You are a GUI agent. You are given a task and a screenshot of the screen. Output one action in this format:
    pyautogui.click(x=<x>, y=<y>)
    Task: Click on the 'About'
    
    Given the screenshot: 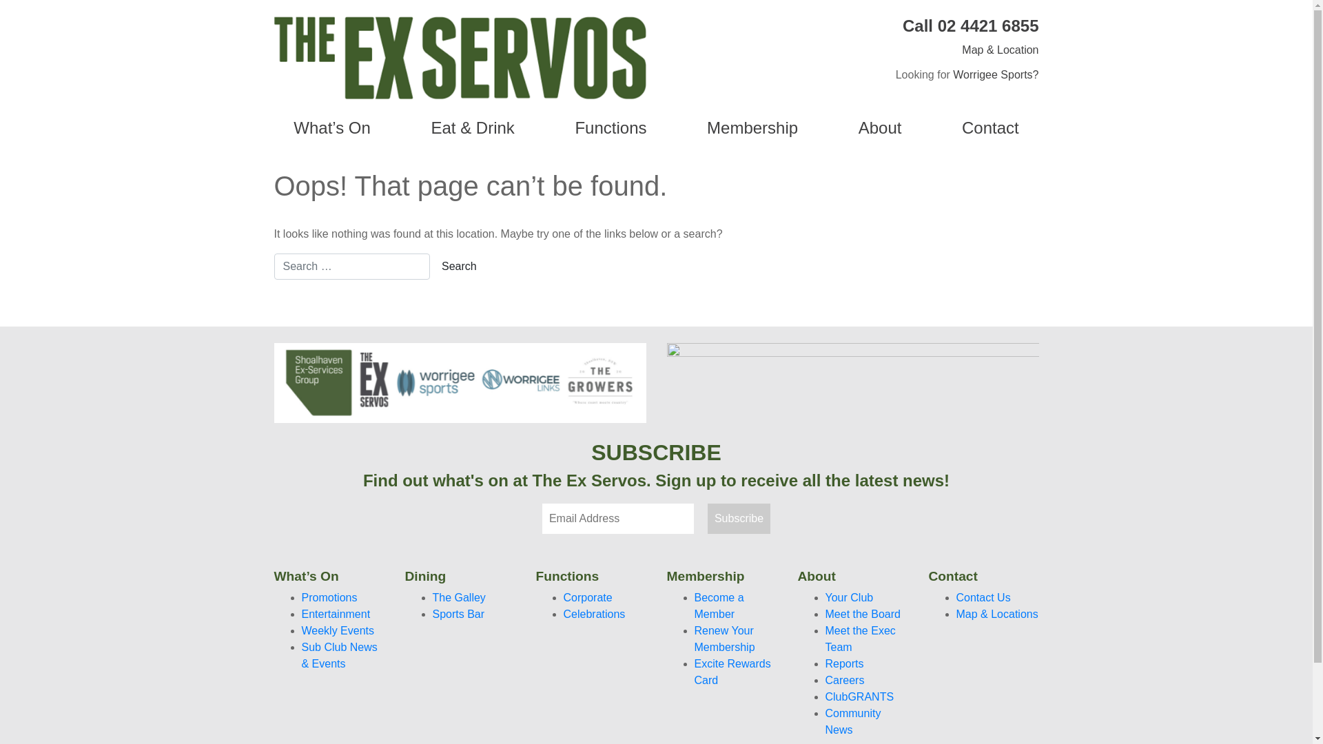 What is the action you would take?
    pyautogui.click(x=827, y=127)
    